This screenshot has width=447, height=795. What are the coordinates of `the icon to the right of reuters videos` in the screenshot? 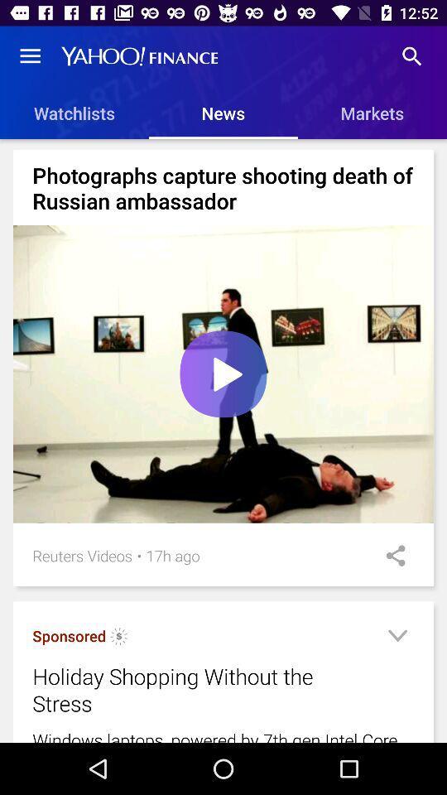 It's located at (138, 556).